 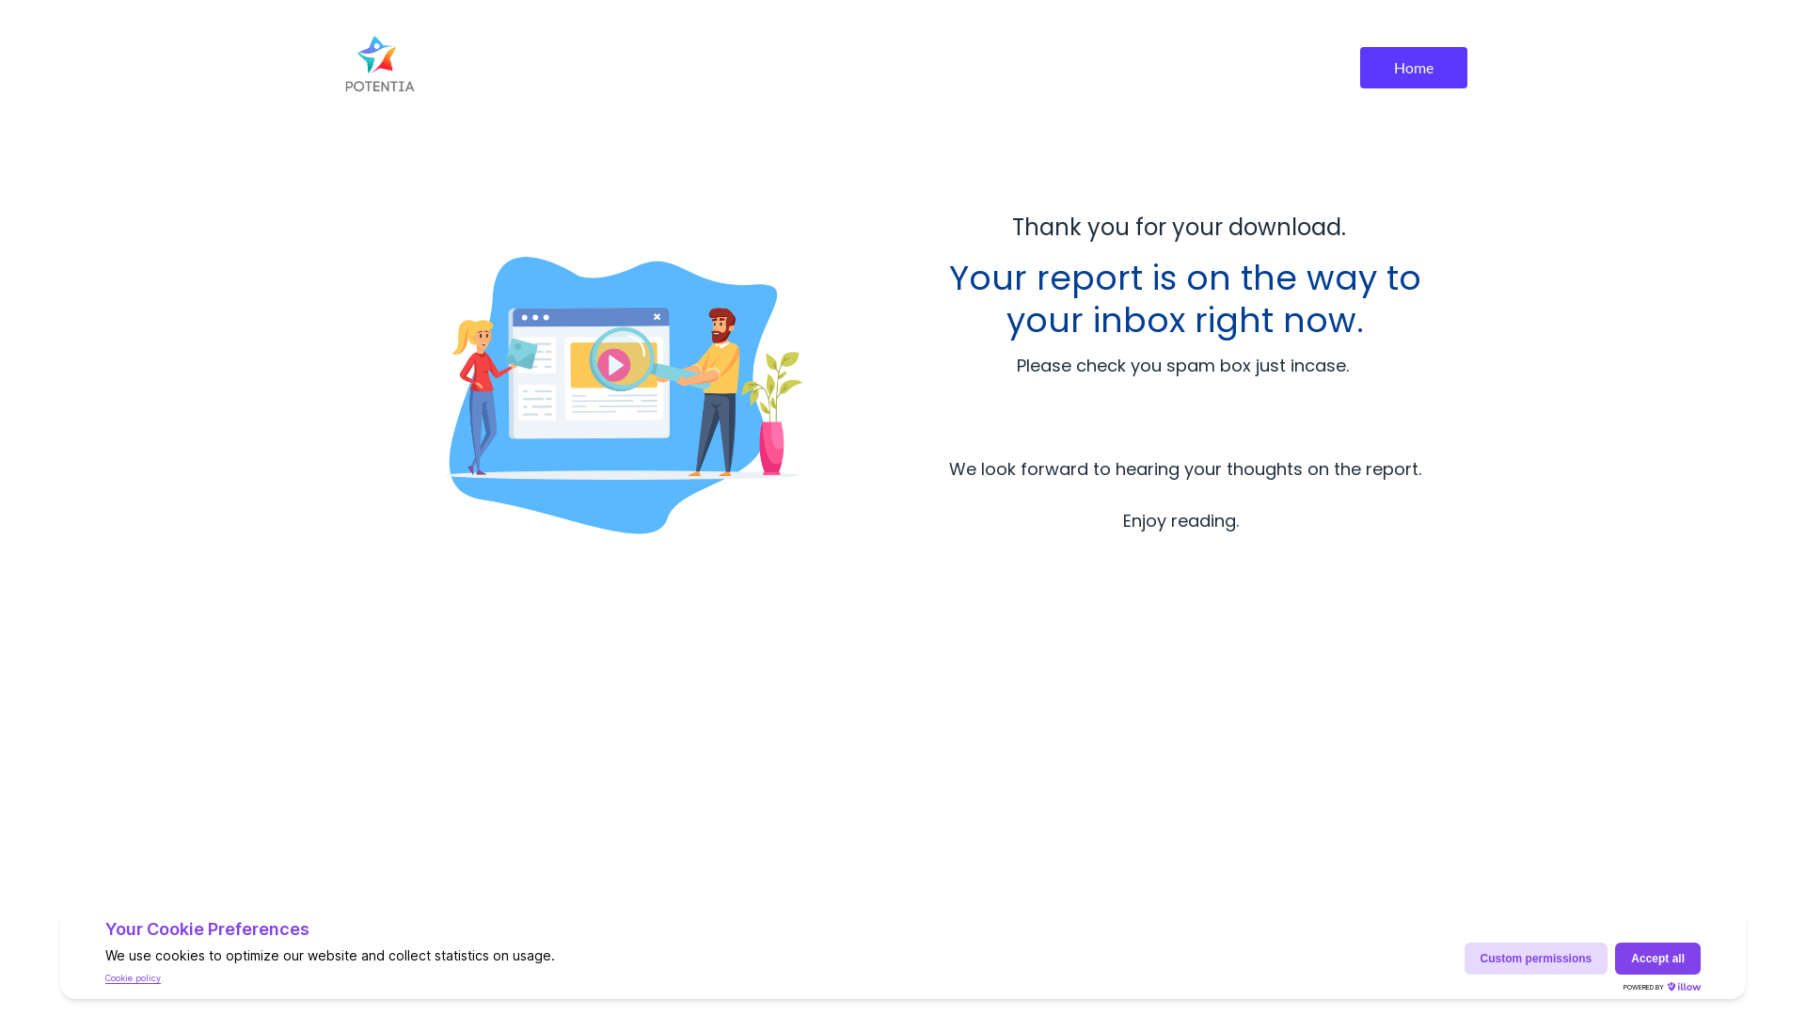 I want to click on 'Home', so click(x=1413, y=67).